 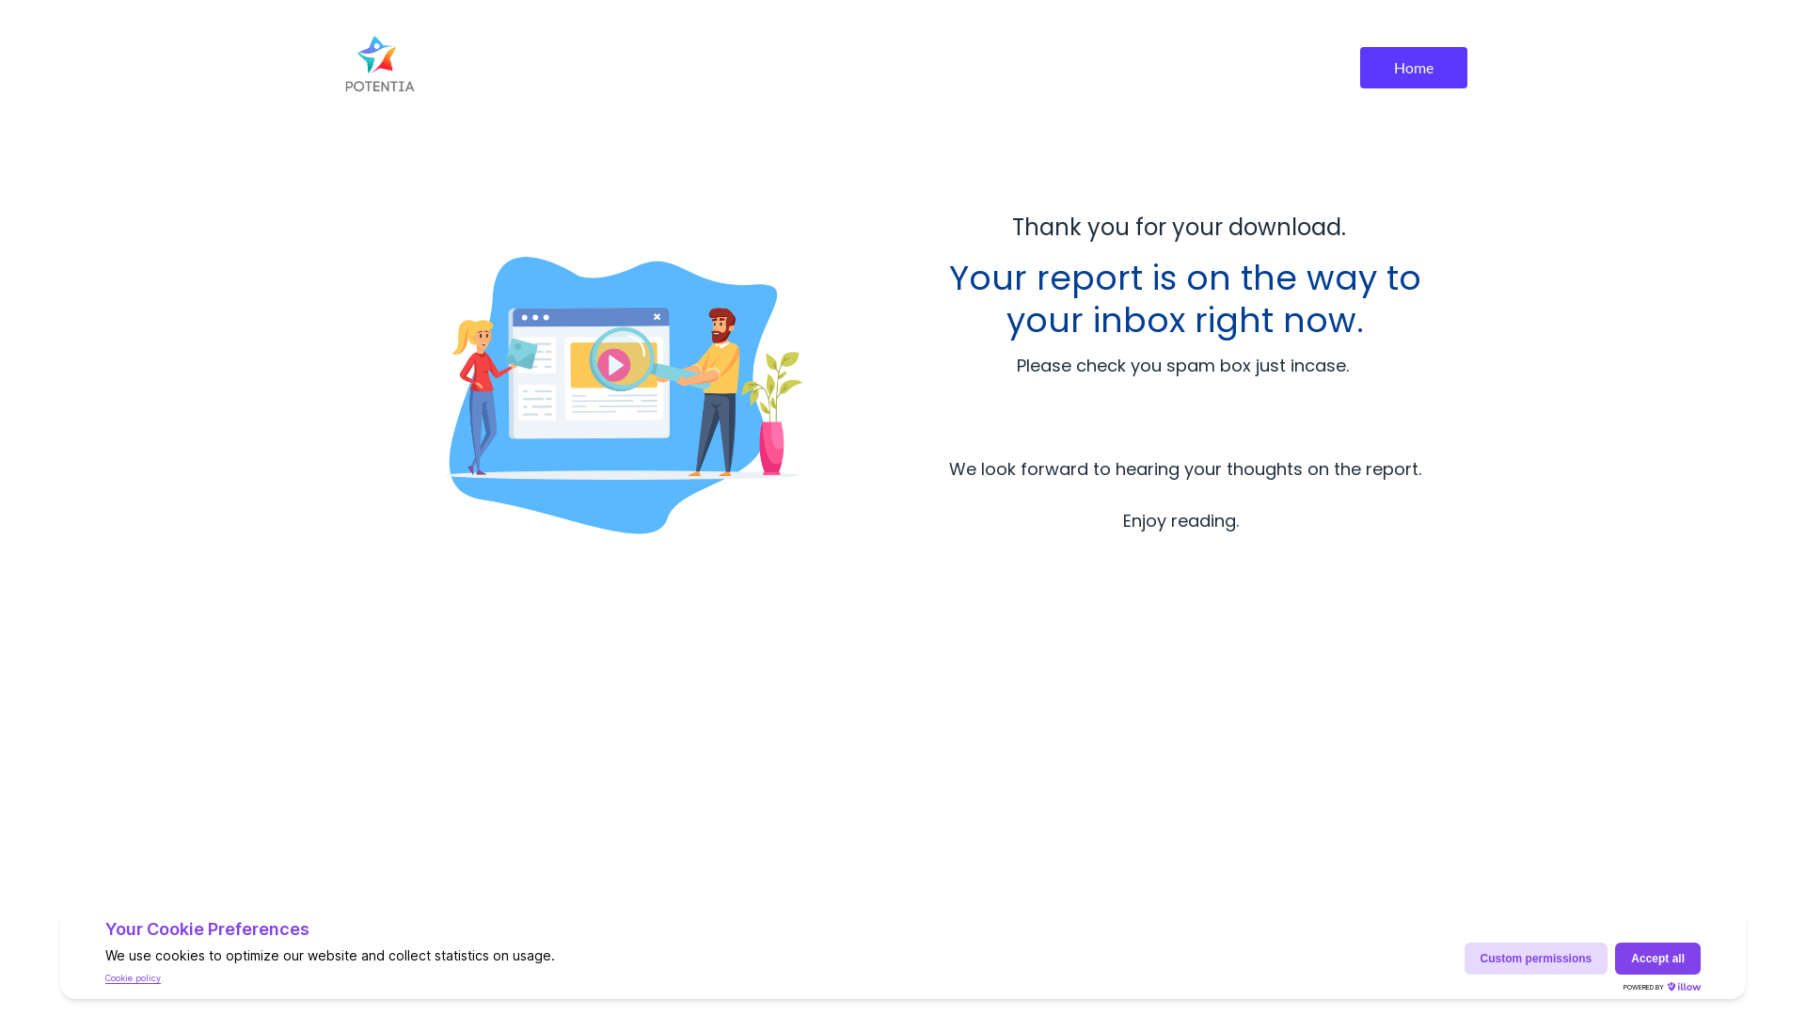 I want to click on 'Home', so click(x=1413, y=67).